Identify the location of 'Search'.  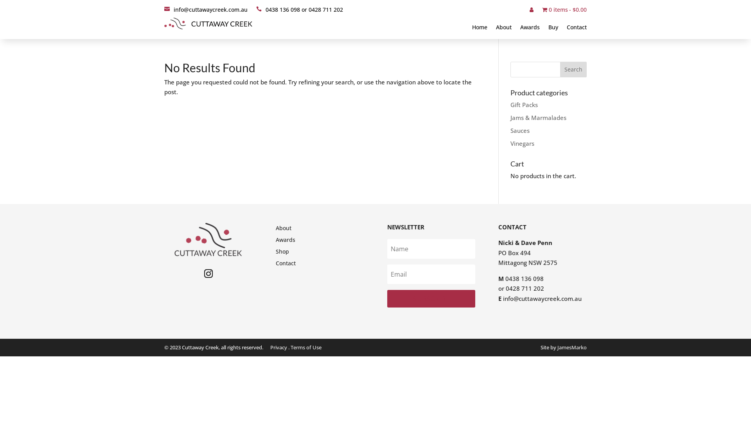
(559, 69).